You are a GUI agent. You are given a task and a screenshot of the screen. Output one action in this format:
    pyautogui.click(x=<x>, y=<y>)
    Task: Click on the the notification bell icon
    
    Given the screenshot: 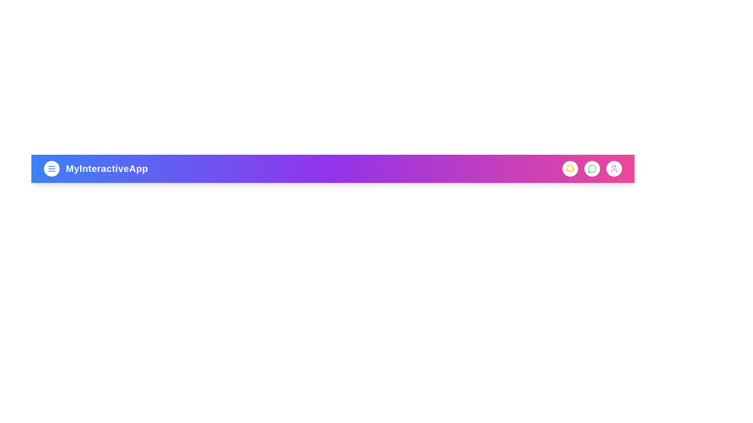 What is the action you would take?
    pyautogui.click(x=570, y=168)
    